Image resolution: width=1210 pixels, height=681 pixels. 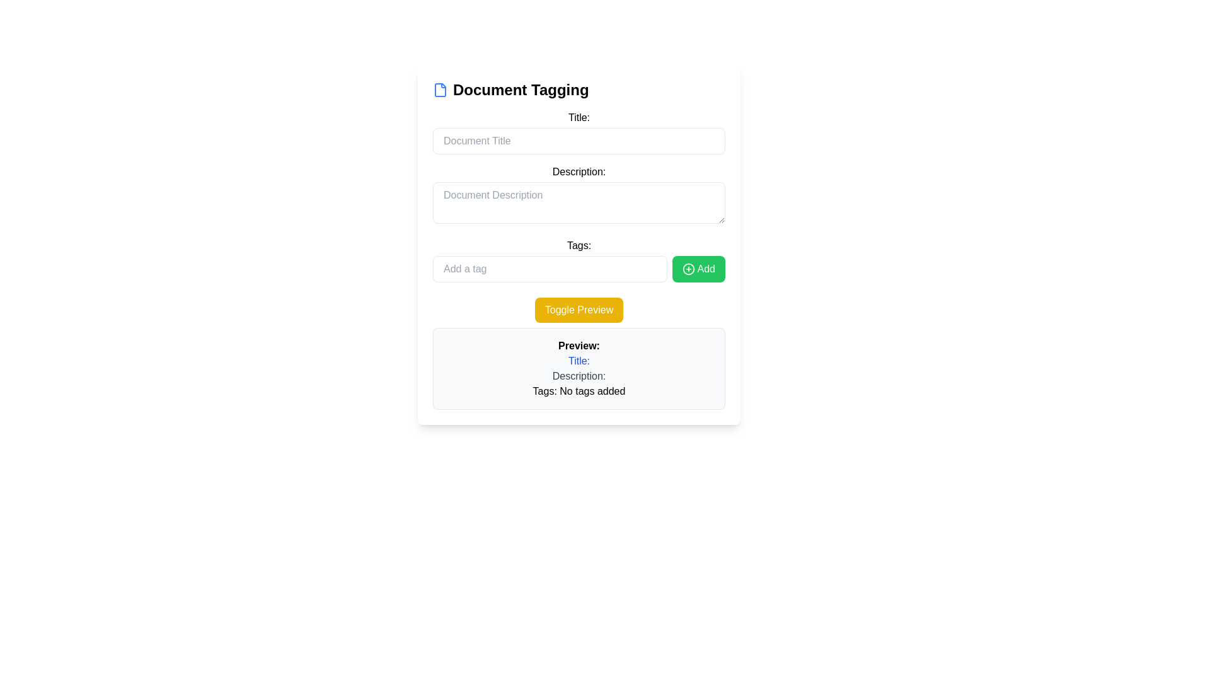 What do you see at coordinates (441, 89) in the screenshot?
I see `the blue file-shaped icon located near the text 'Document Tagging' at the top-left corner of the interface` at bounding box center [441, 89].